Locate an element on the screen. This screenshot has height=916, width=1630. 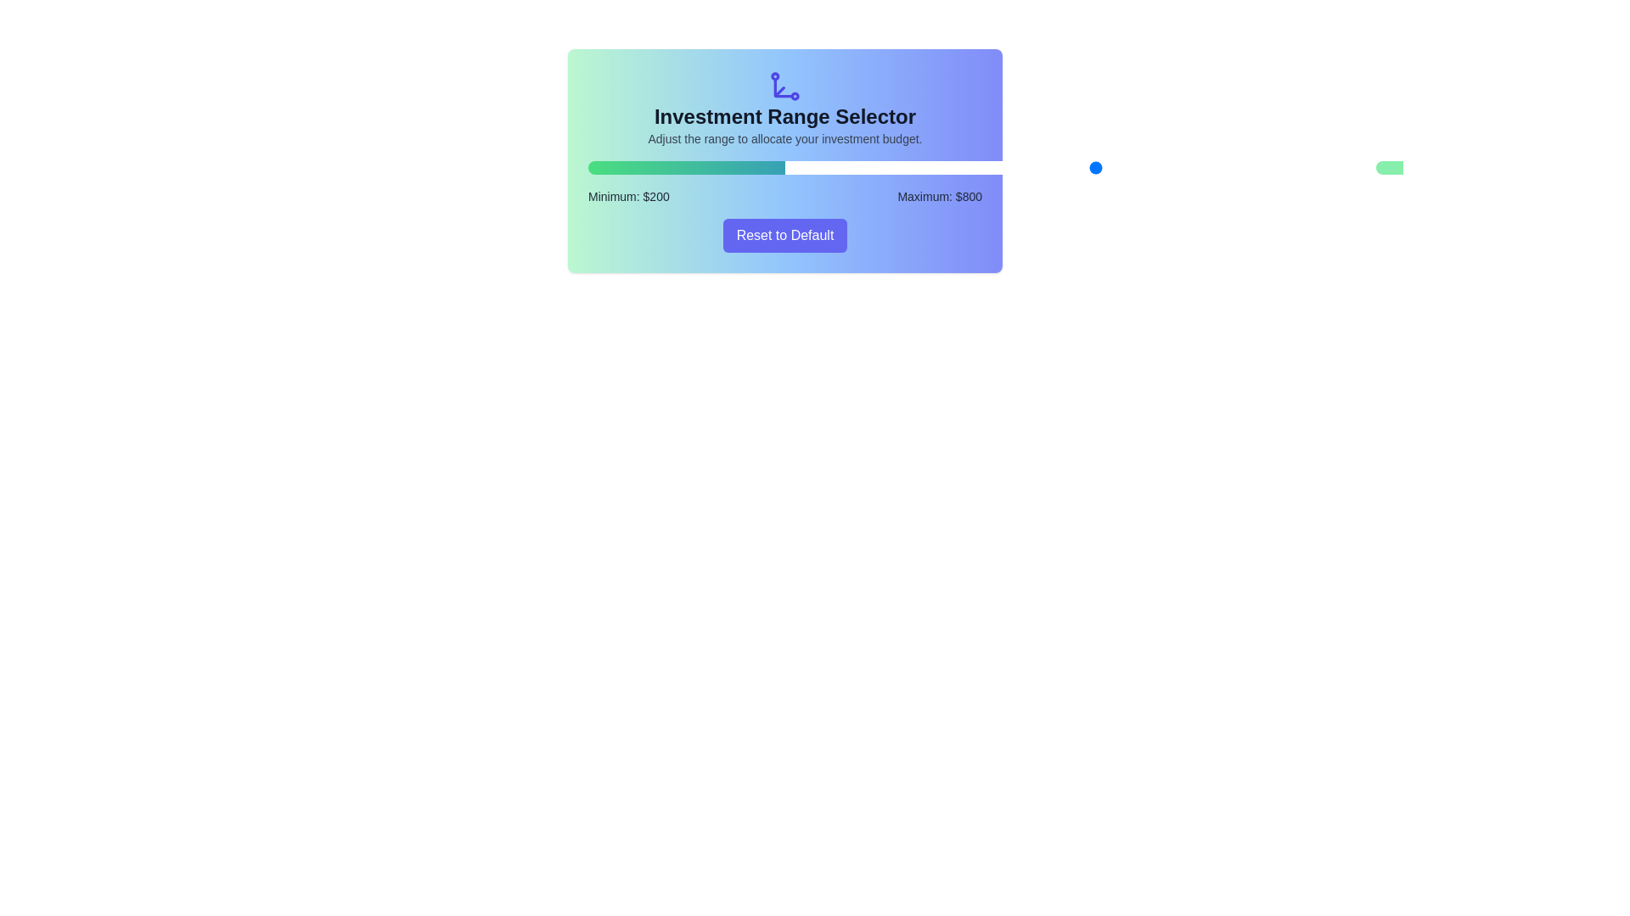
the maximum investment range to 794 by dragging the right slider is located at coordinates (1174, 167).